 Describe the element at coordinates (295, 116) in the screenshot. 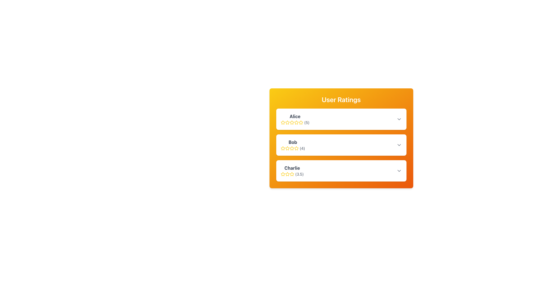

I see `the text label identifying user 'Alice' in the ratings card, positioned at the top left above the stars and rating count` at that location.